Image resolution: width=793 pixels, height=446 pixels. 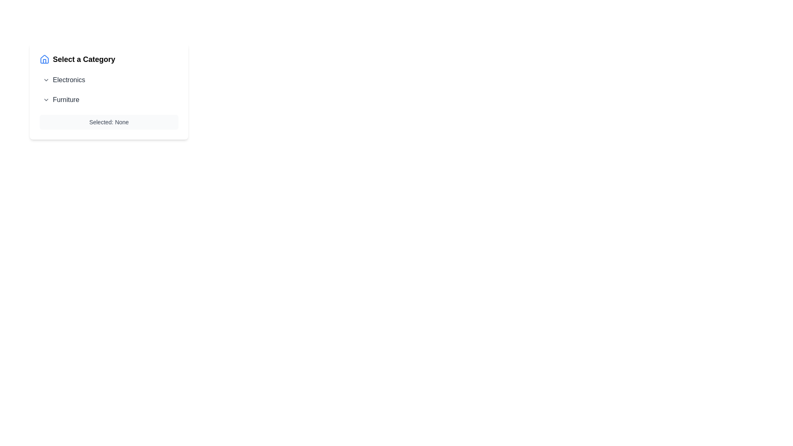 I want to click on the expand/collapse icon for the 'Furniture' list item to trigger its hover effect, so click(x=45, y=100).